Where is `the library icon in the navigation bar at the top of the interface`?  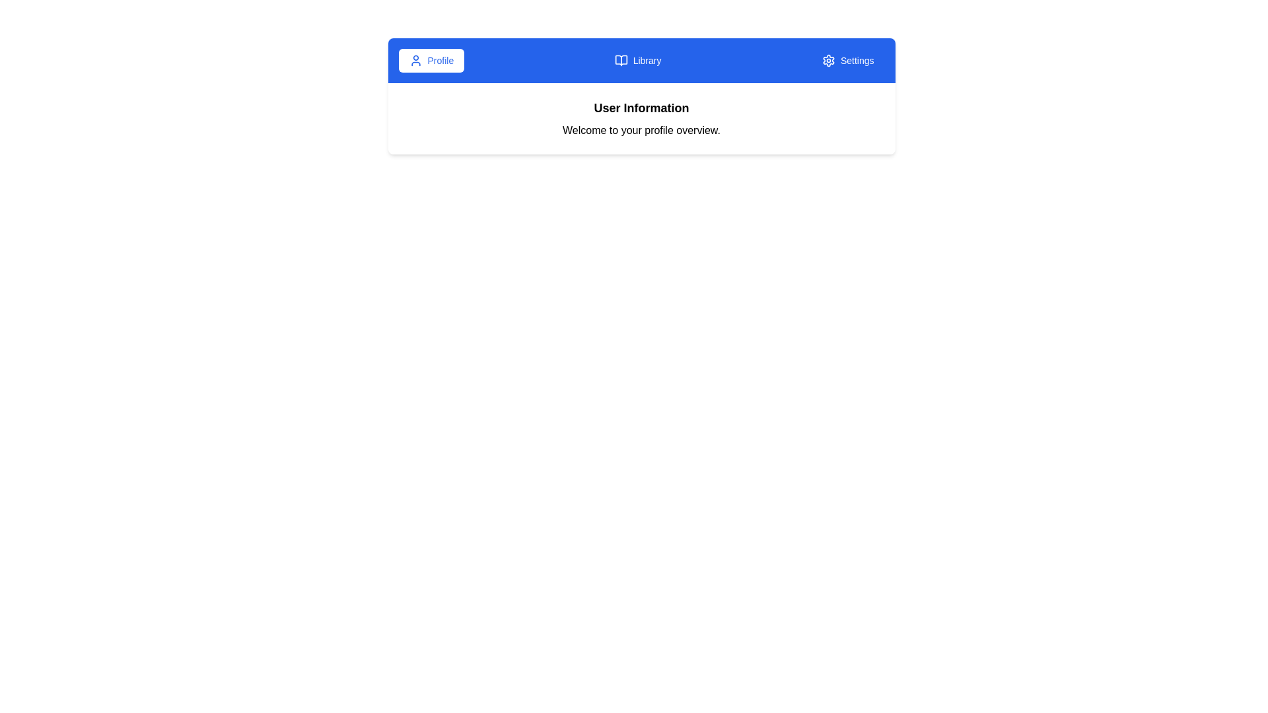 the library icon in the navigation bar at the top of the interface is located at coordinates (620, 61).